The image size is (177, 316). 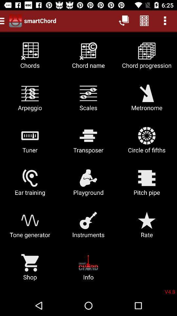 I want to click on the item to the left of the playground icon, so click(x=29, y=185).